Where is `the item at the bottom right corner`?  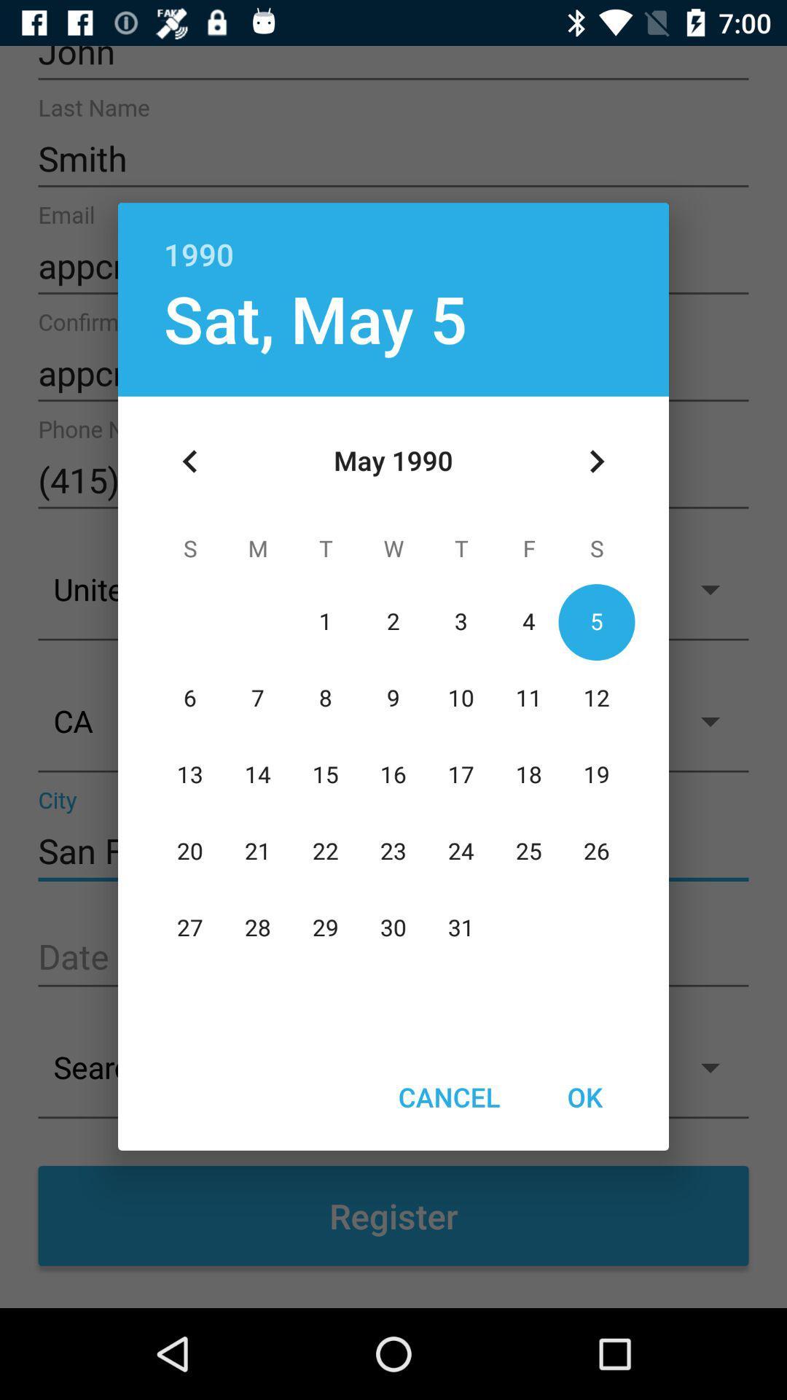
the item at the bottom right corner is located at coordinates (584, 1097).